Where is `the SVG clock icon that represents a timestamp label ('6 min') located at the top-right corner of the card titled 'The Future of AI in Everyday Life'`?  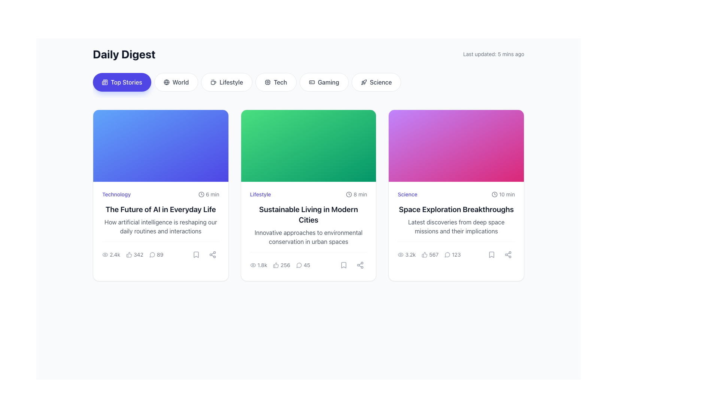 the SVG clock icon that represents a timestamp label ('6 min') located at the top-right corner of the card titled 'The Future of AI in Everyday Life' is located at coordinates (201, 194).